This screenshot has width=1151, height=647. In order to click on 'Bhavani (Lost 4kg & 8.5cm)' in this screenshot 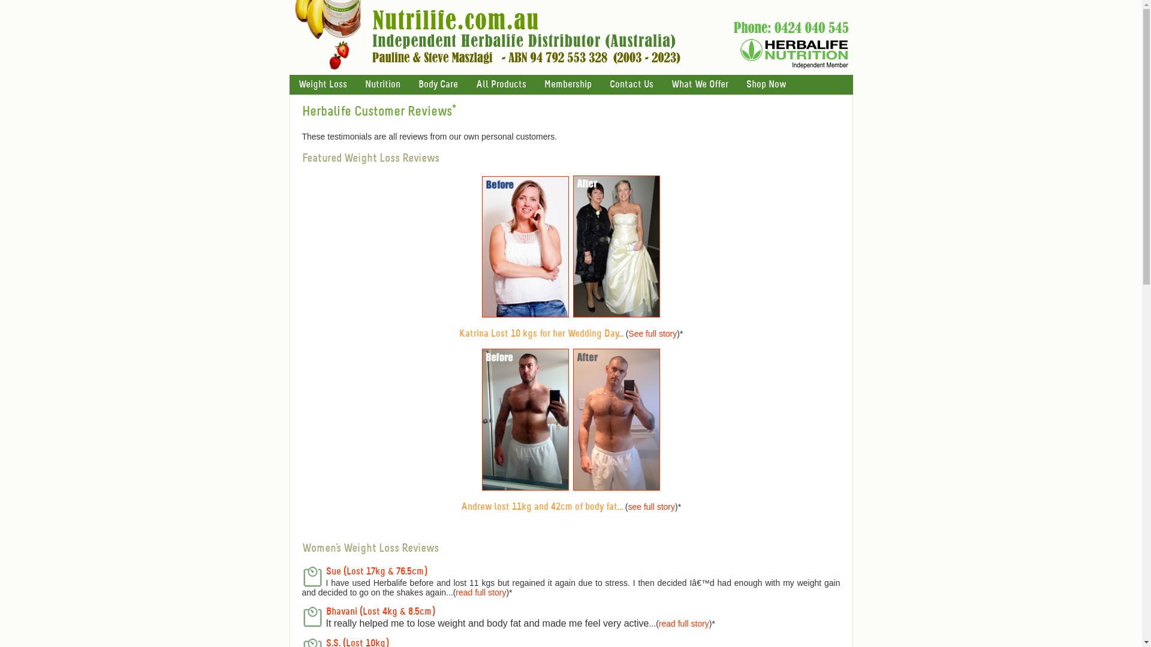, I will do `click(379, 612)`.